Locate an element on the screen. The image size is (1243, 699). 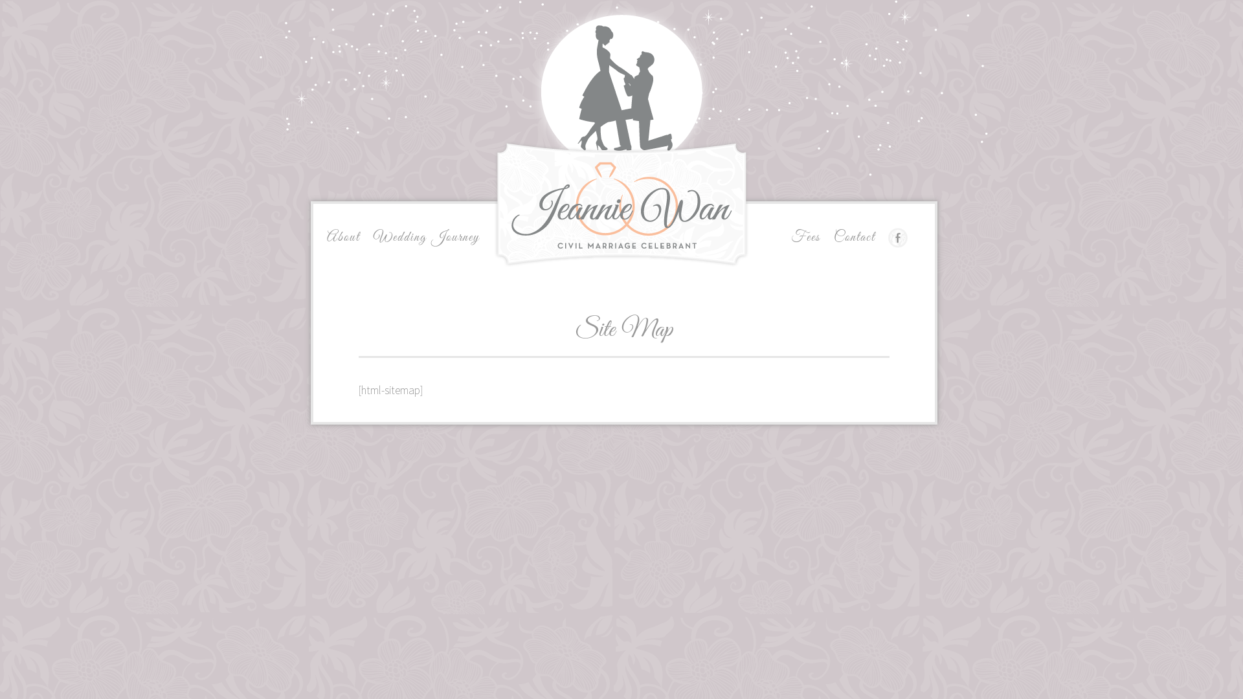
'Fees' is located at coordinates (805, 237).